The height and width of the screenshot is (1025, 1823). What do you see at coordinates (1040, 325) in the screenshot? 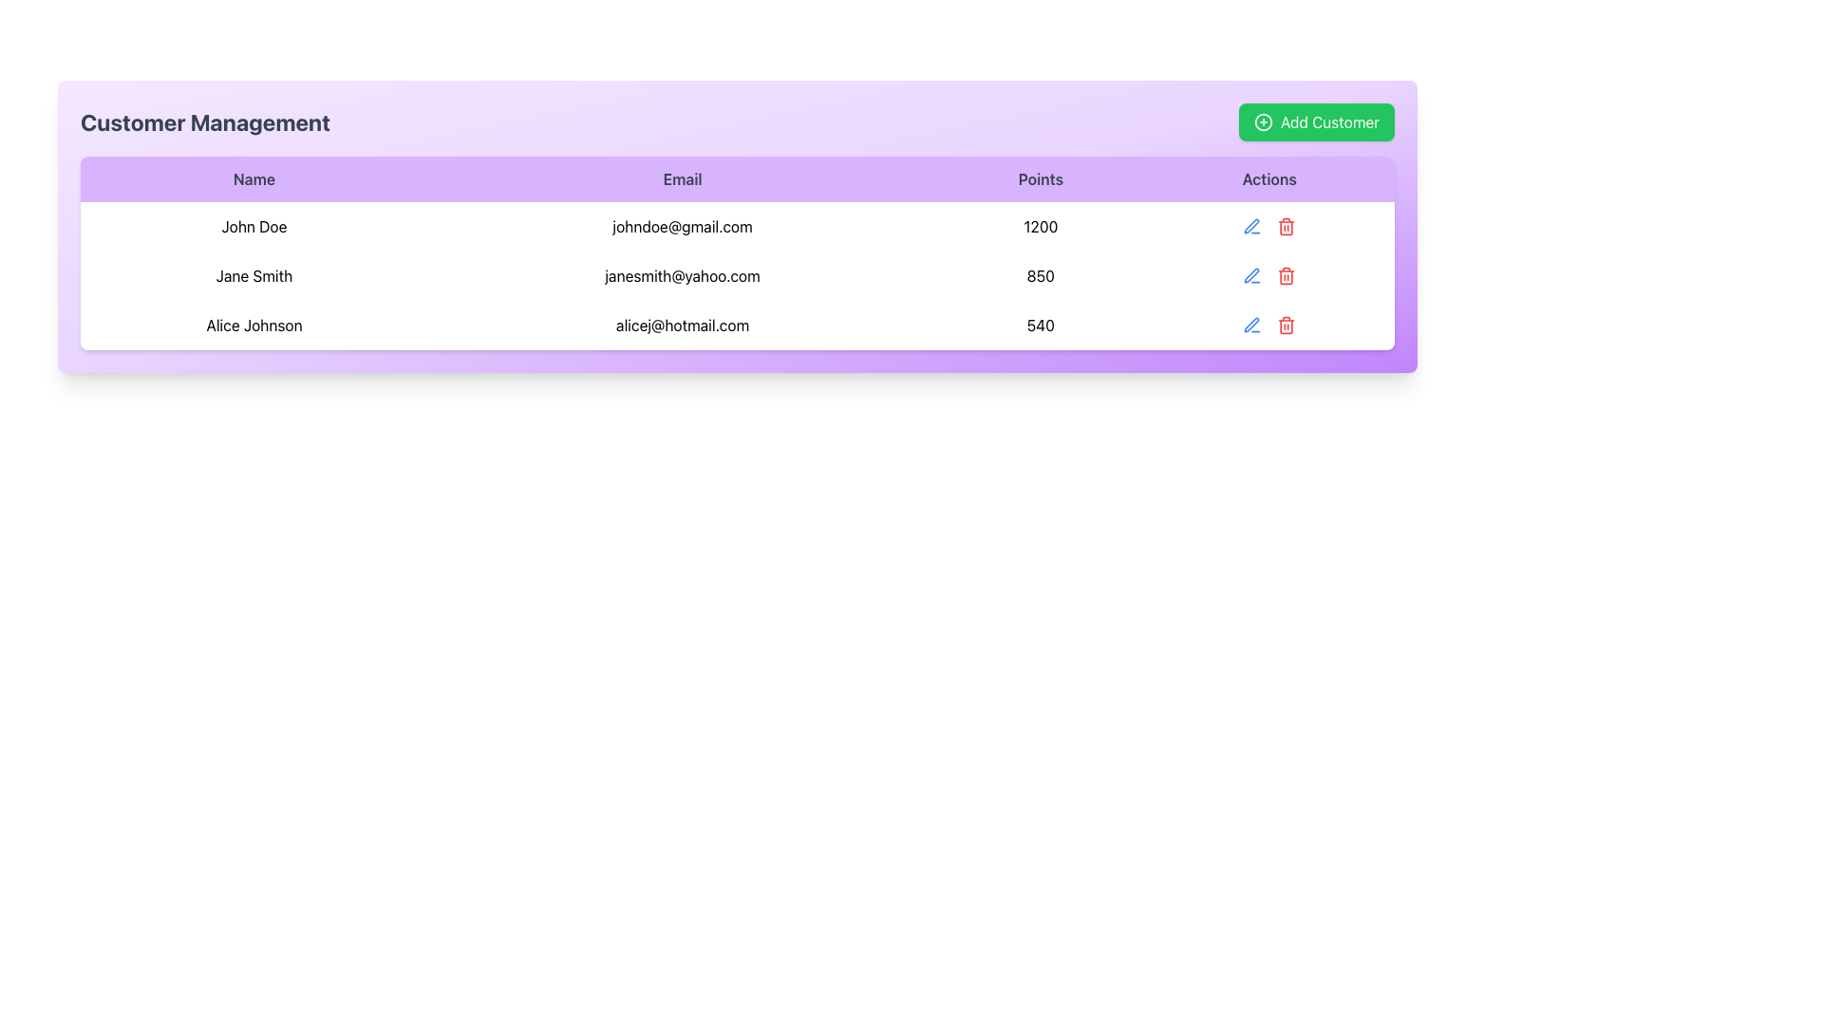
I see `the static text field displaying the points associated with the customer 'Alice Johnson' in the third row of the table under the 'Points' column` at bounding box center [1040, 325].